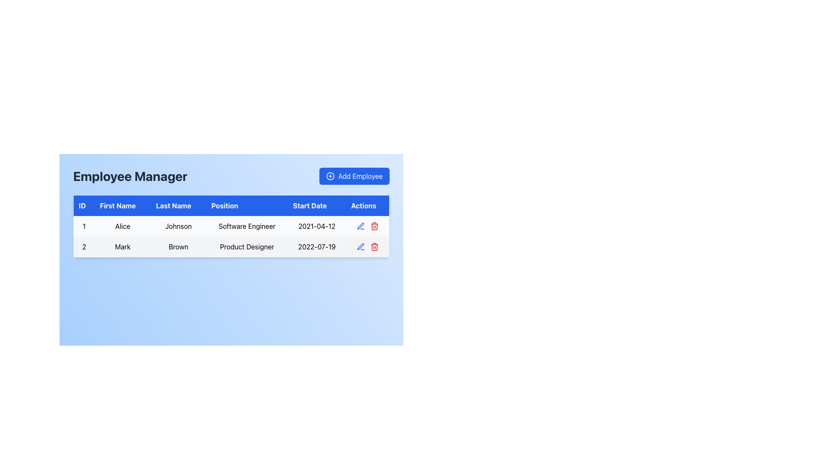 The height and width of the screenshot is (462, 822). Describe the element at coordinates (122, 225) in the screenshot. I see `the text label that displays the first name of the listed individual, located in the first cell of the first row under the 'First Name' header in the employee information table` at that location.